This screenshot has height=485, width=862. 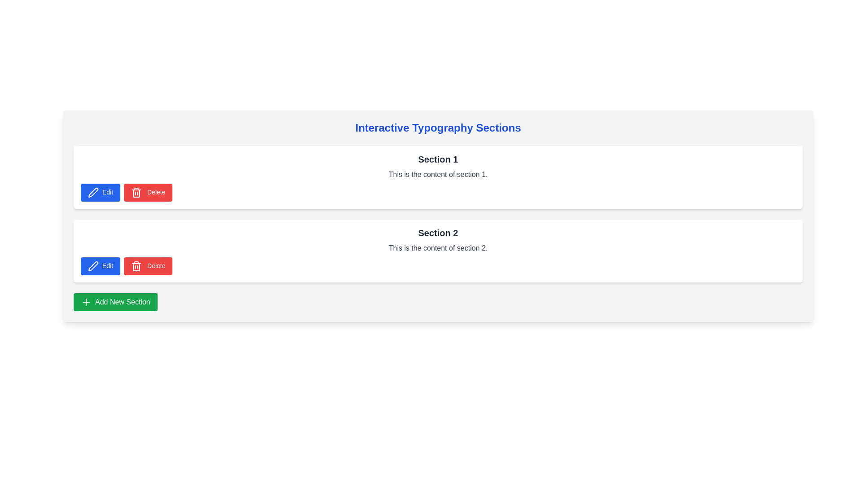 What do you see at coordinates (101, 192) in the screenshot?
I see `the blue rectangular 'Edit' button with a pen icon on the left, located in the first section under 'Interactive Typography Sections' to observe its hover effect` at bounding box center [101, 192].